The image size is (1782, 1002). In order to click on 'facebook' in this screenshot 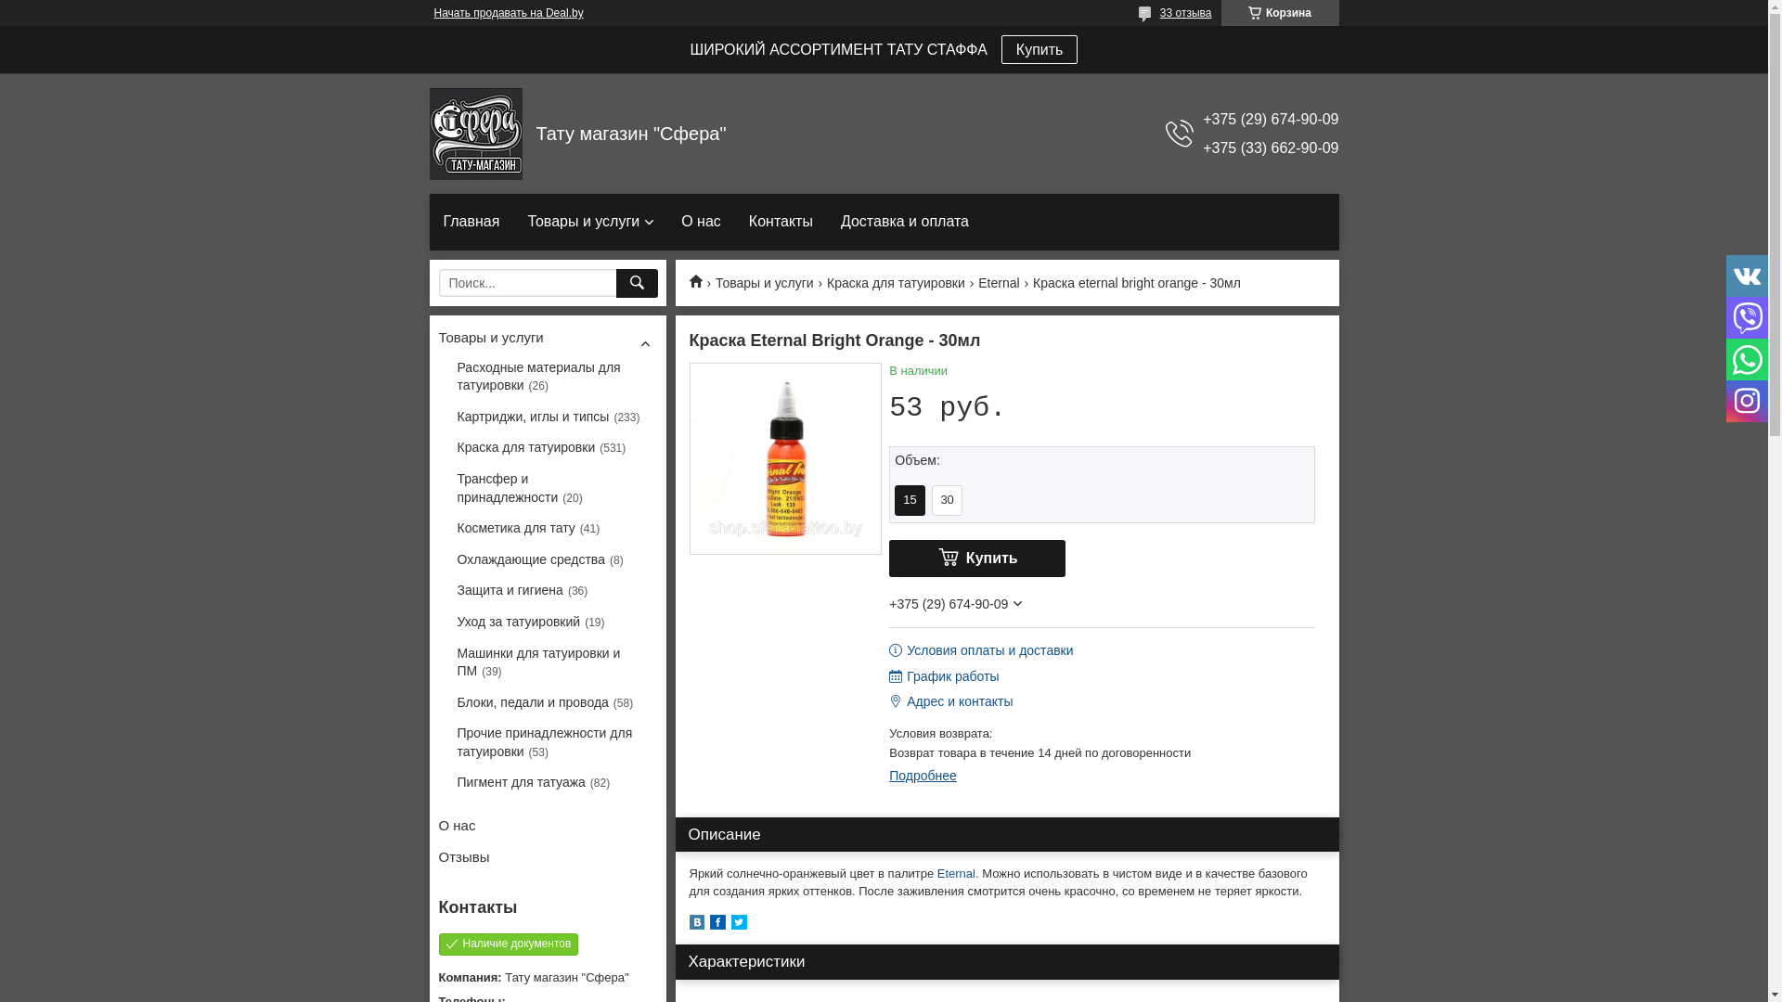, I will do `click(716, 925)`.